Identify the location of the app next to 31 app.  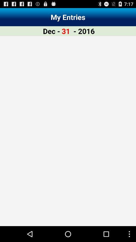
(51, 31).